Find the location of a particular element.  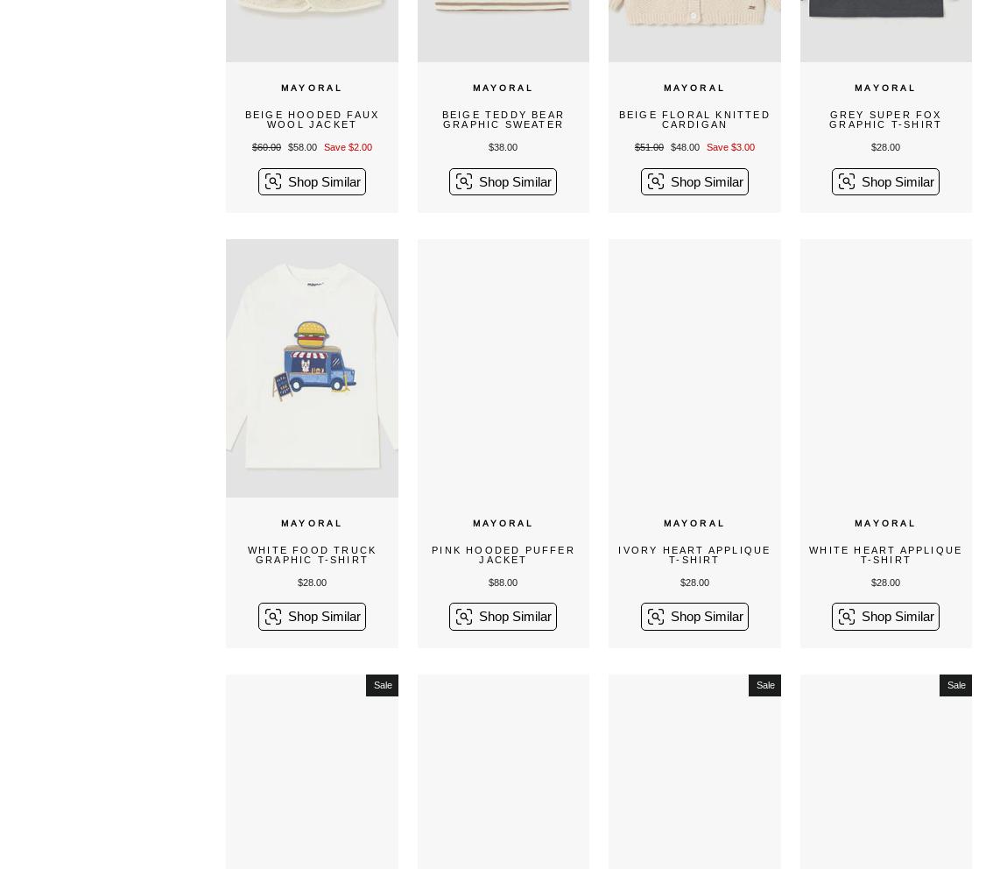

'$48.00' is located at coordinates (668, 146).